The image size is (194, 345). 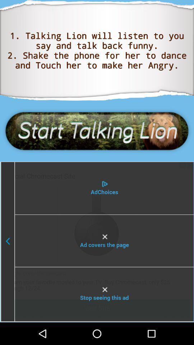 What do you see at coordinates (97, 130) in the screenshot?
I see `start app` at bounding box center [97, 130].